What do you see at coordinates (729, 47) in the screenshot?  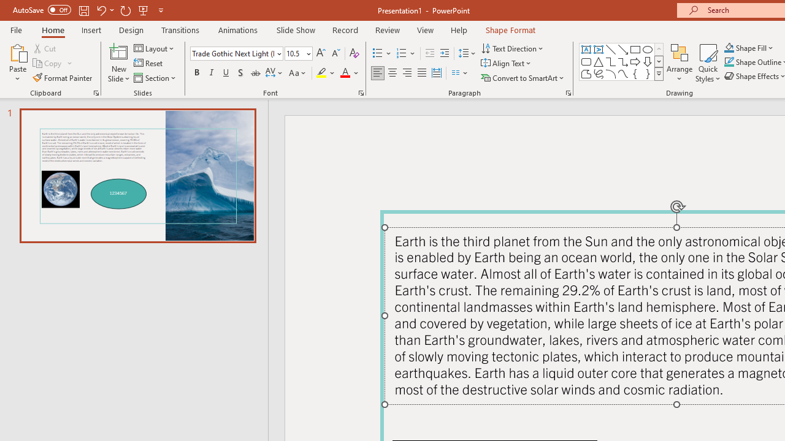 I see `'Shape Fill Aqua, Accent 2'` at bounding box center [729, 47].